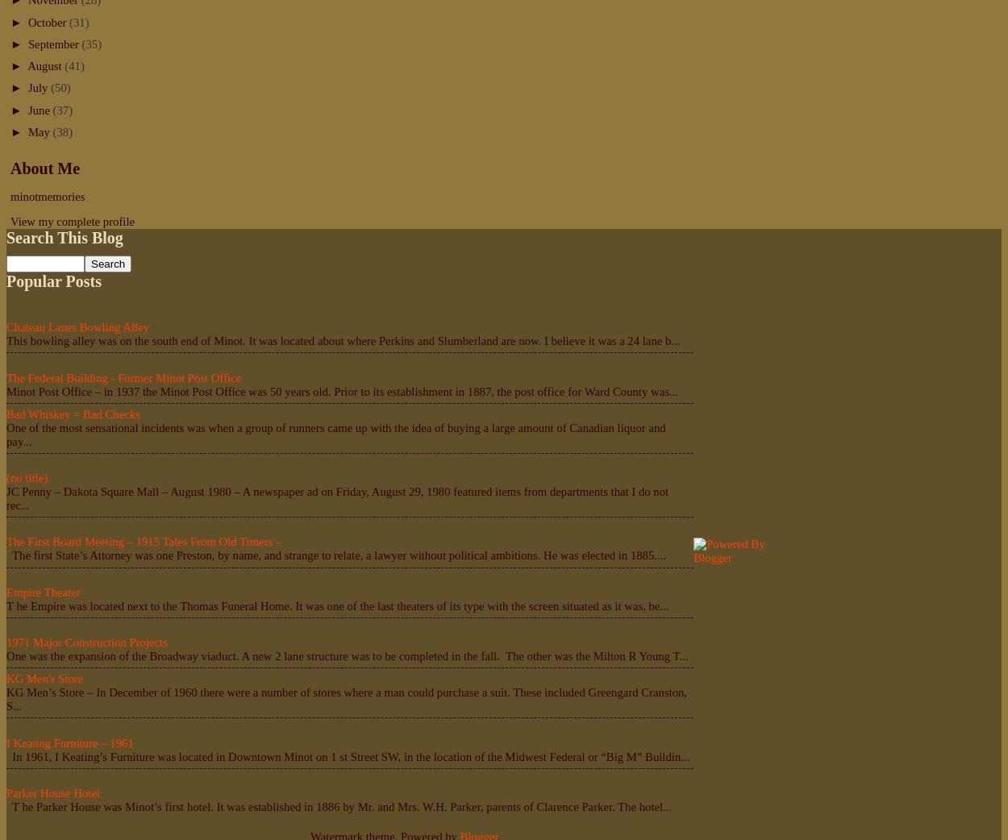 The height and width of the screenshot is (840, 1008). Describe the element at coordinates (6, 642) in the screenshot. I see `'1971 Major Construction Projects'` at that location.